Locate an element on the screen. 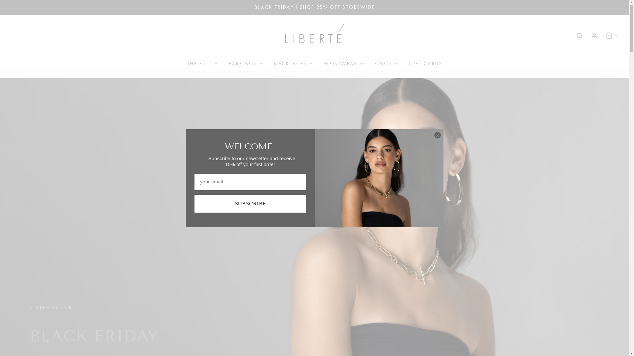  'EARRINGS' is located at coordinates (228, 64).